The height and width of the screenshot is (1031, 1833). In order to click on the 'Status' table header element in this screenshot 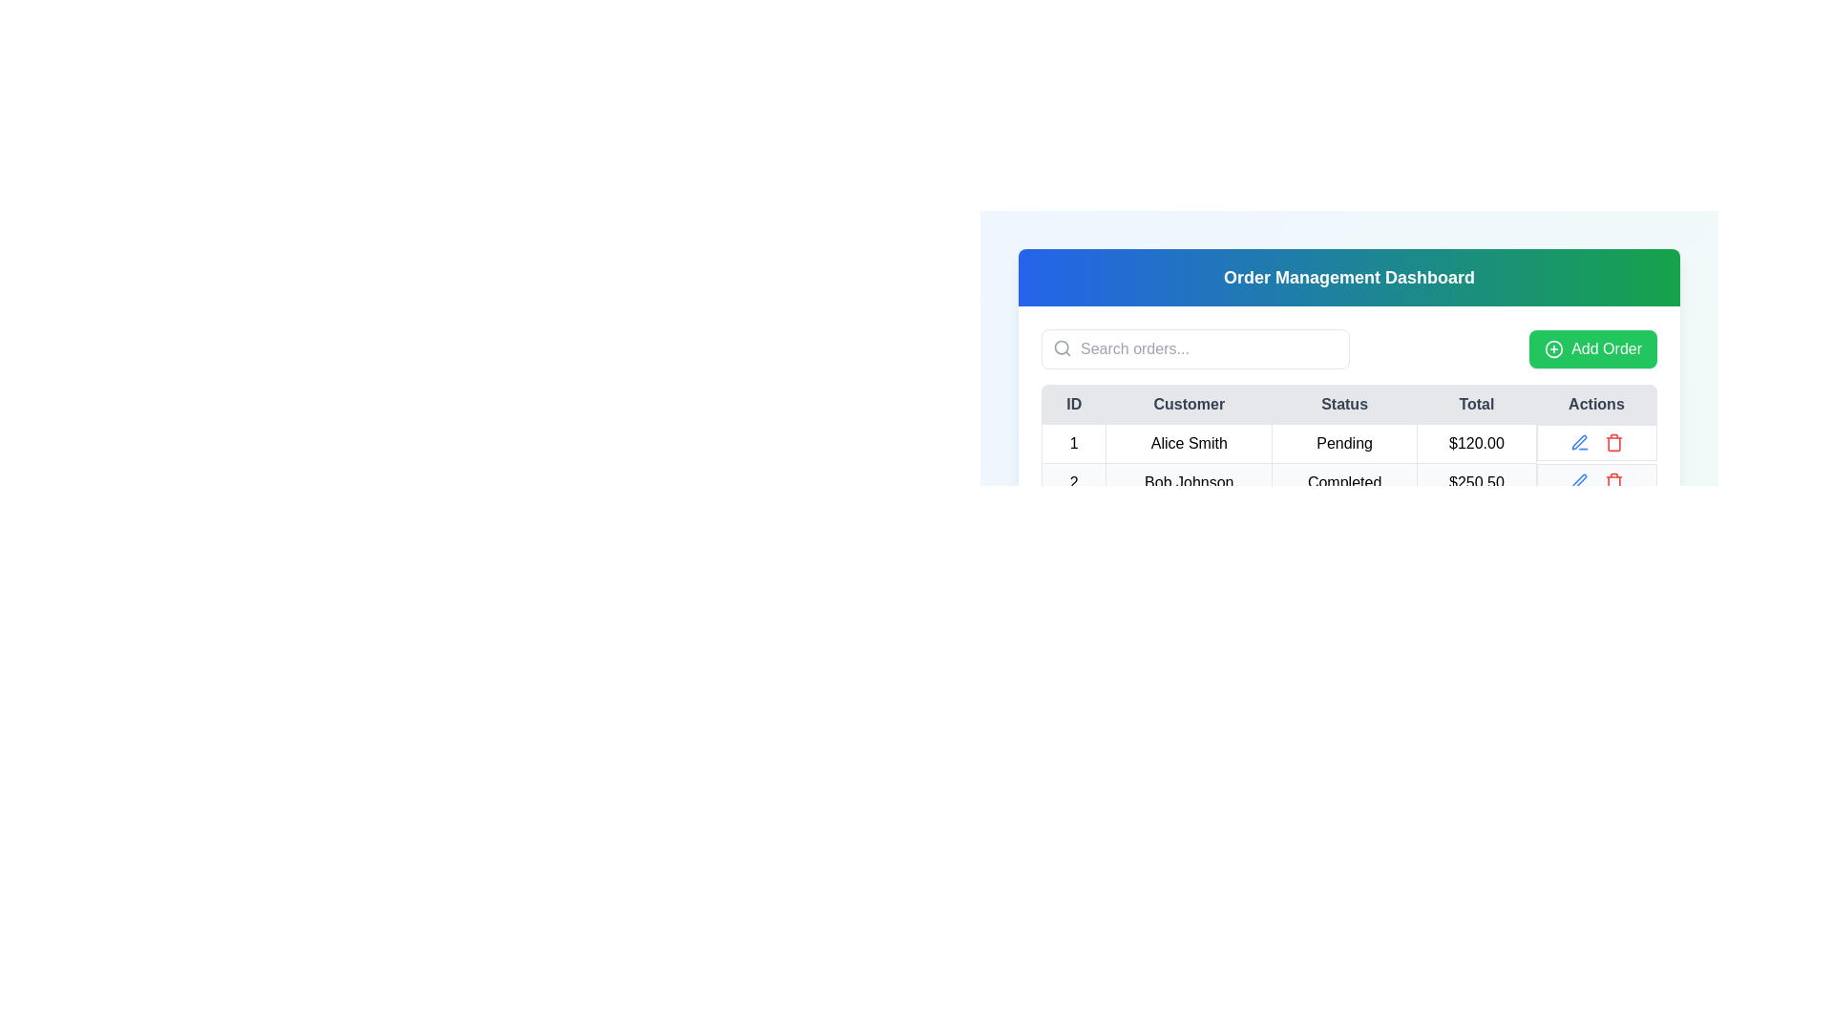, I will do `click(1343, 404)`.